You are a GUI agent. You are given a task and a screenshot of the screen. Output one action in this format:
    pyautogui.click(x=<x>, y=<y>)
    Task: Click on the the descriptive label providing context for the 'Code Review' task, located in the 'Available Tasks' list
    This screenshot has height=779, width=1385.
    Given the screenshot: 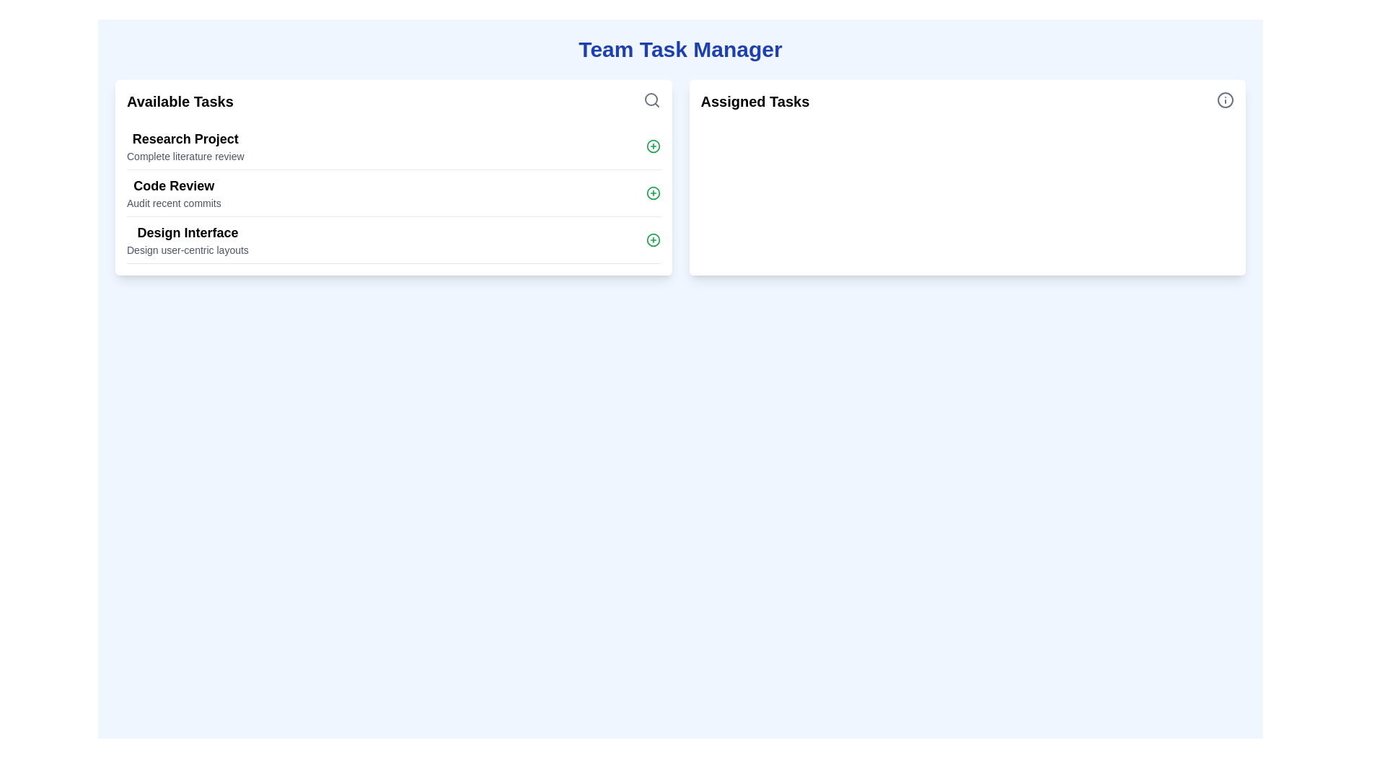 What is the action you would take?
    pyautogui.click(x=173, y=203)
    